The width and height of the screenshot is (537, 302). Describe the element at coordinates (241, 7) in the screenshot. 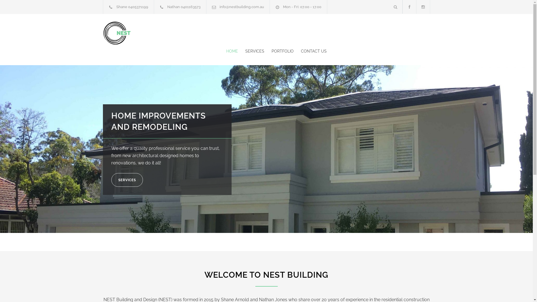

I see `'info@nestbuilding.com.au'` at that location.